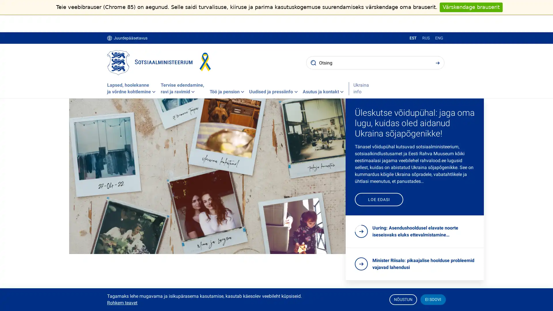  I want to click on NOUSTUN, so click(402, 299).